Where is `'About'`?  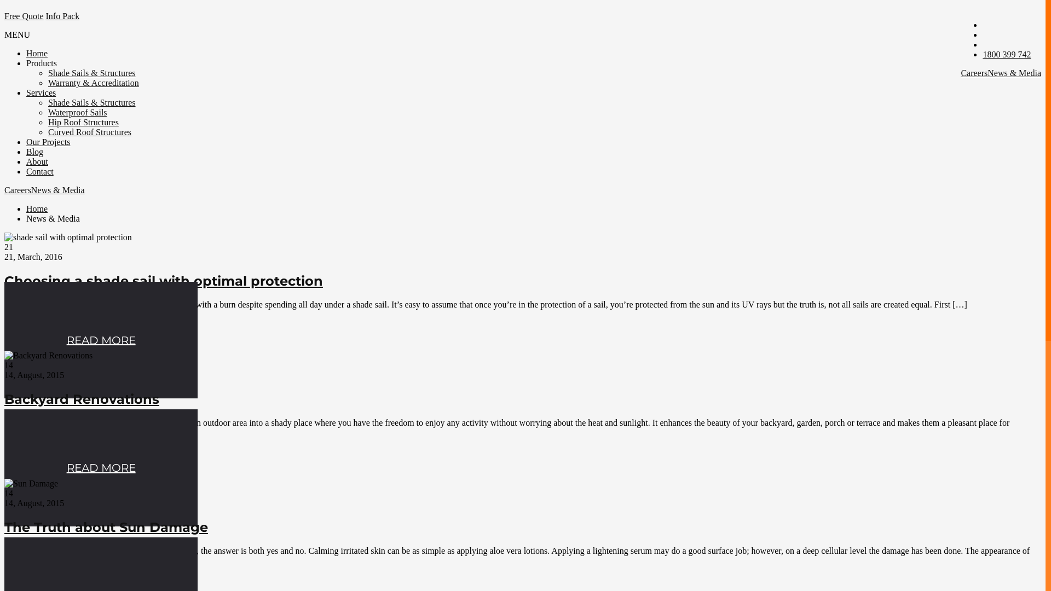 'About' is located at coordinates (37, 161).